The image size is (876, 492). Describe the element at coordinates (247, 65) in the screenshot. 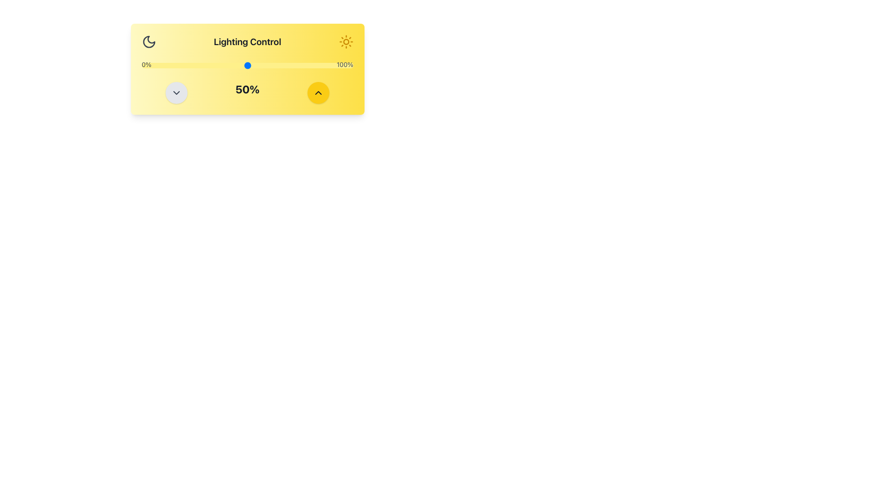

I see `the lighting intensity slider, which is centered above the percentage display ('50%') in the middle of the card, to observe tooltips or additional information` at that location.